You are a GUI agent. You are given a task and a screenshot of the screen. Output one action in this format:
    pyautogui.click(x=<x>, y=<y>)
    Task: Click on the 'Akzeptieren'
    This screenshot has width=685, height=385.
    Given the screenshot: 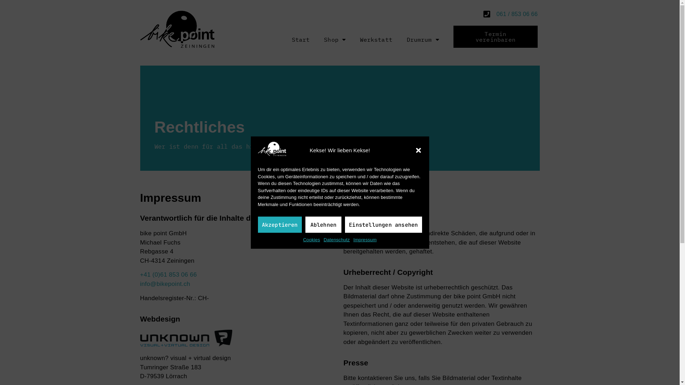 What is the action you would take?
    pyautogui.click(x=279, y=225)
    